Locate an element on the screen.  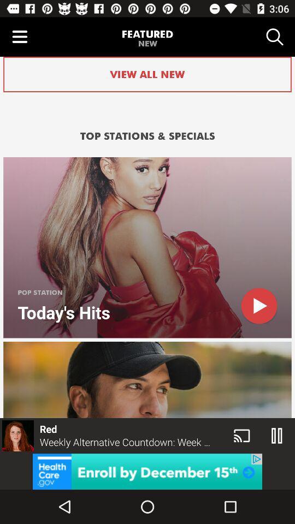
the pause icon is located at coordinates (277, 436).